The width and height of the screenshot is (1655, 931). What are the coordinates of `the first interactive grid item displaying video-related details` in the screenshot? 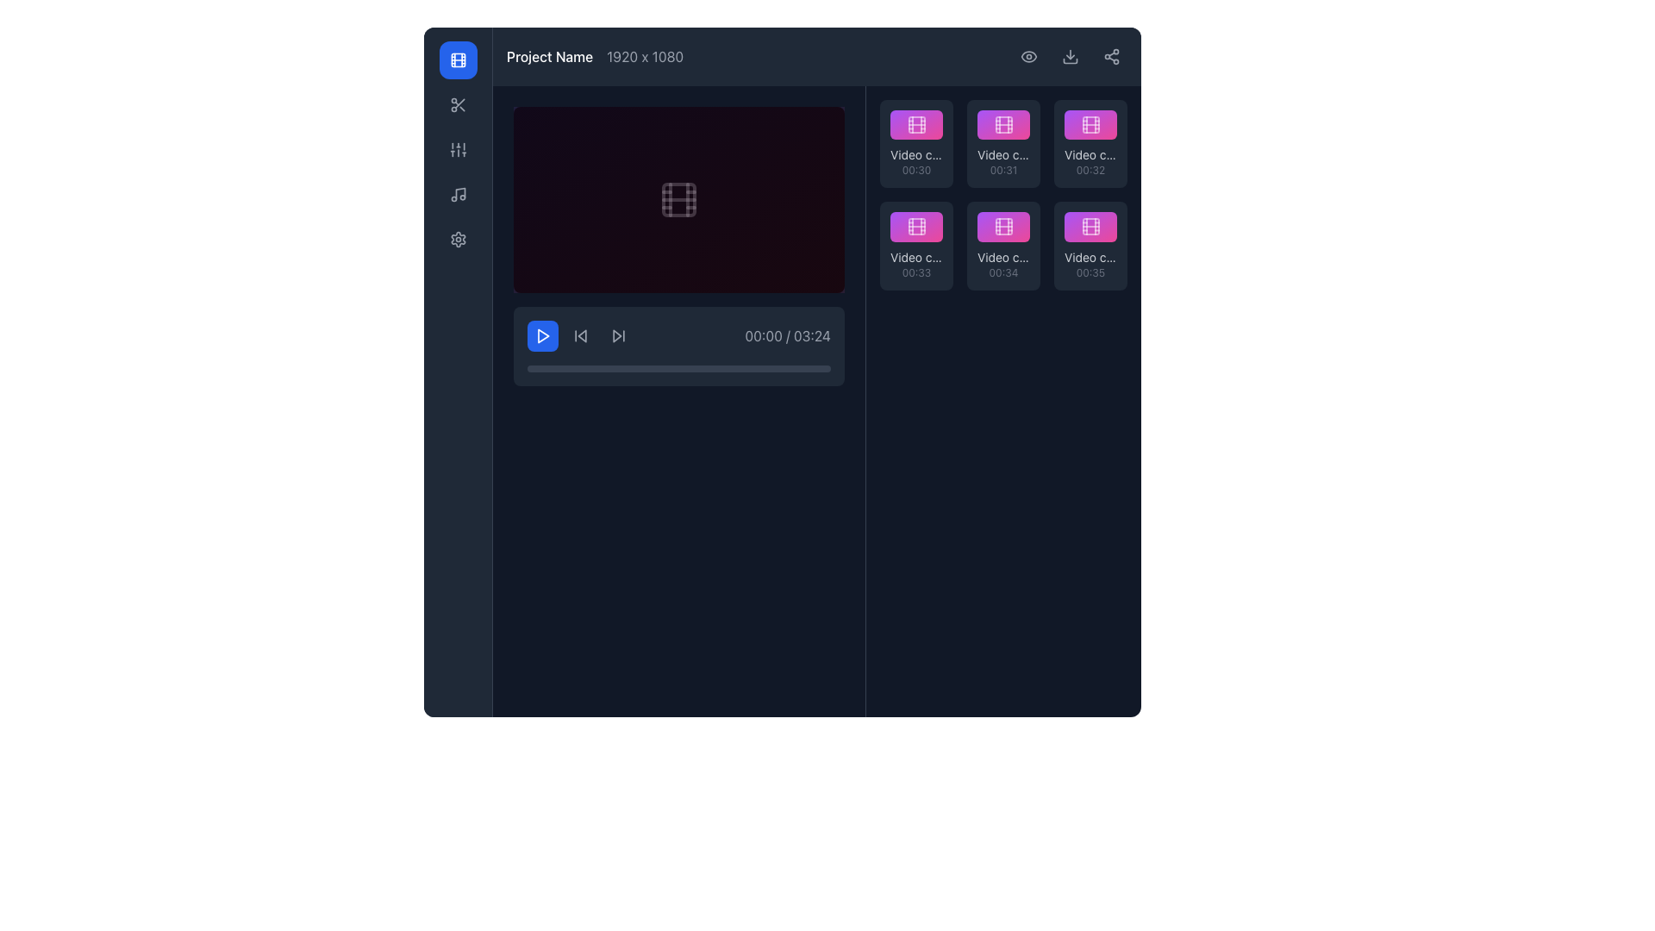 It's located at (915, 143).